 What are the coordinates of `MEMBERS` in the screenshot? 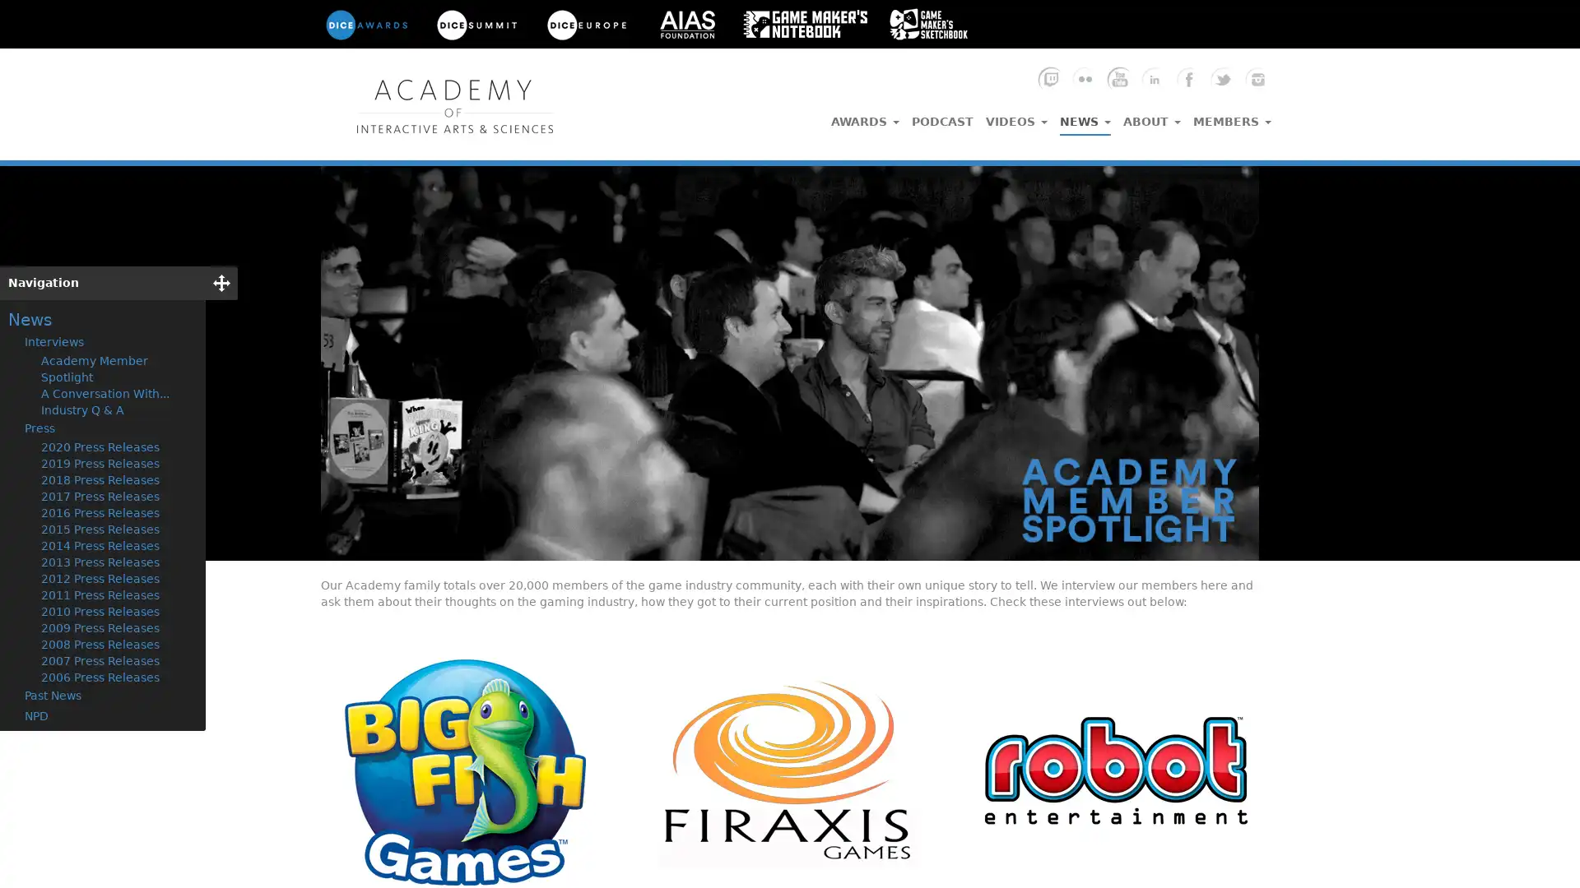 It's located at (1232, 116).